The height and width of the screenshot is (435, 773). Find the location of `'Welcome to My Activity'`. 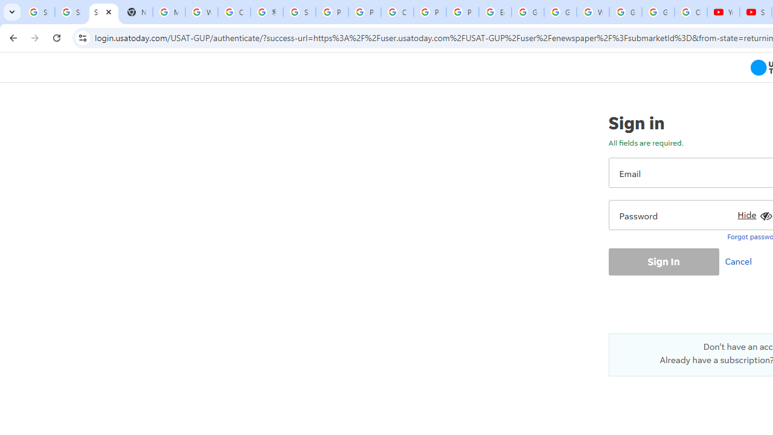

'Welcome to My Activity' is located at coordinates (592, 12).